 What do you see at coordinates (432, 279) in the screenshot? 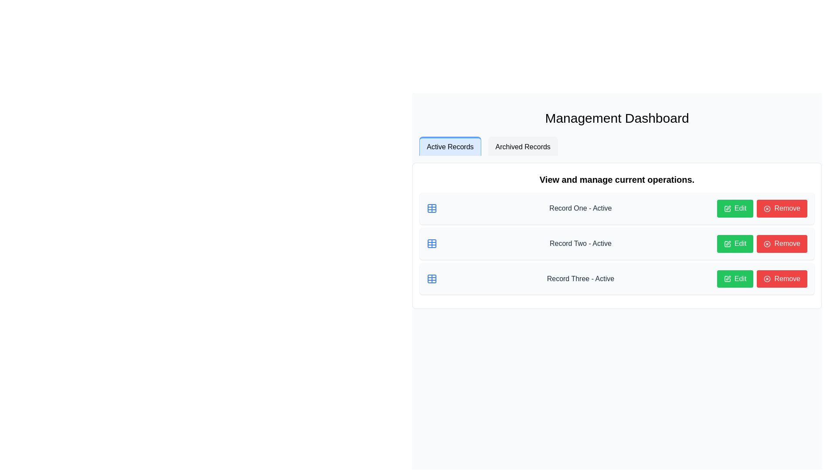
I see `the SVG-based graphical icon representing a table or grid located in the third record row of the 'Active Records' list group` at bounding box center [432, 279].